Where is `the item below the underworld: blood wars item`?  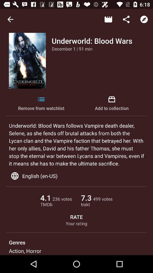
the item below the underworld: blood wars item is located at coordinates (72, 48).